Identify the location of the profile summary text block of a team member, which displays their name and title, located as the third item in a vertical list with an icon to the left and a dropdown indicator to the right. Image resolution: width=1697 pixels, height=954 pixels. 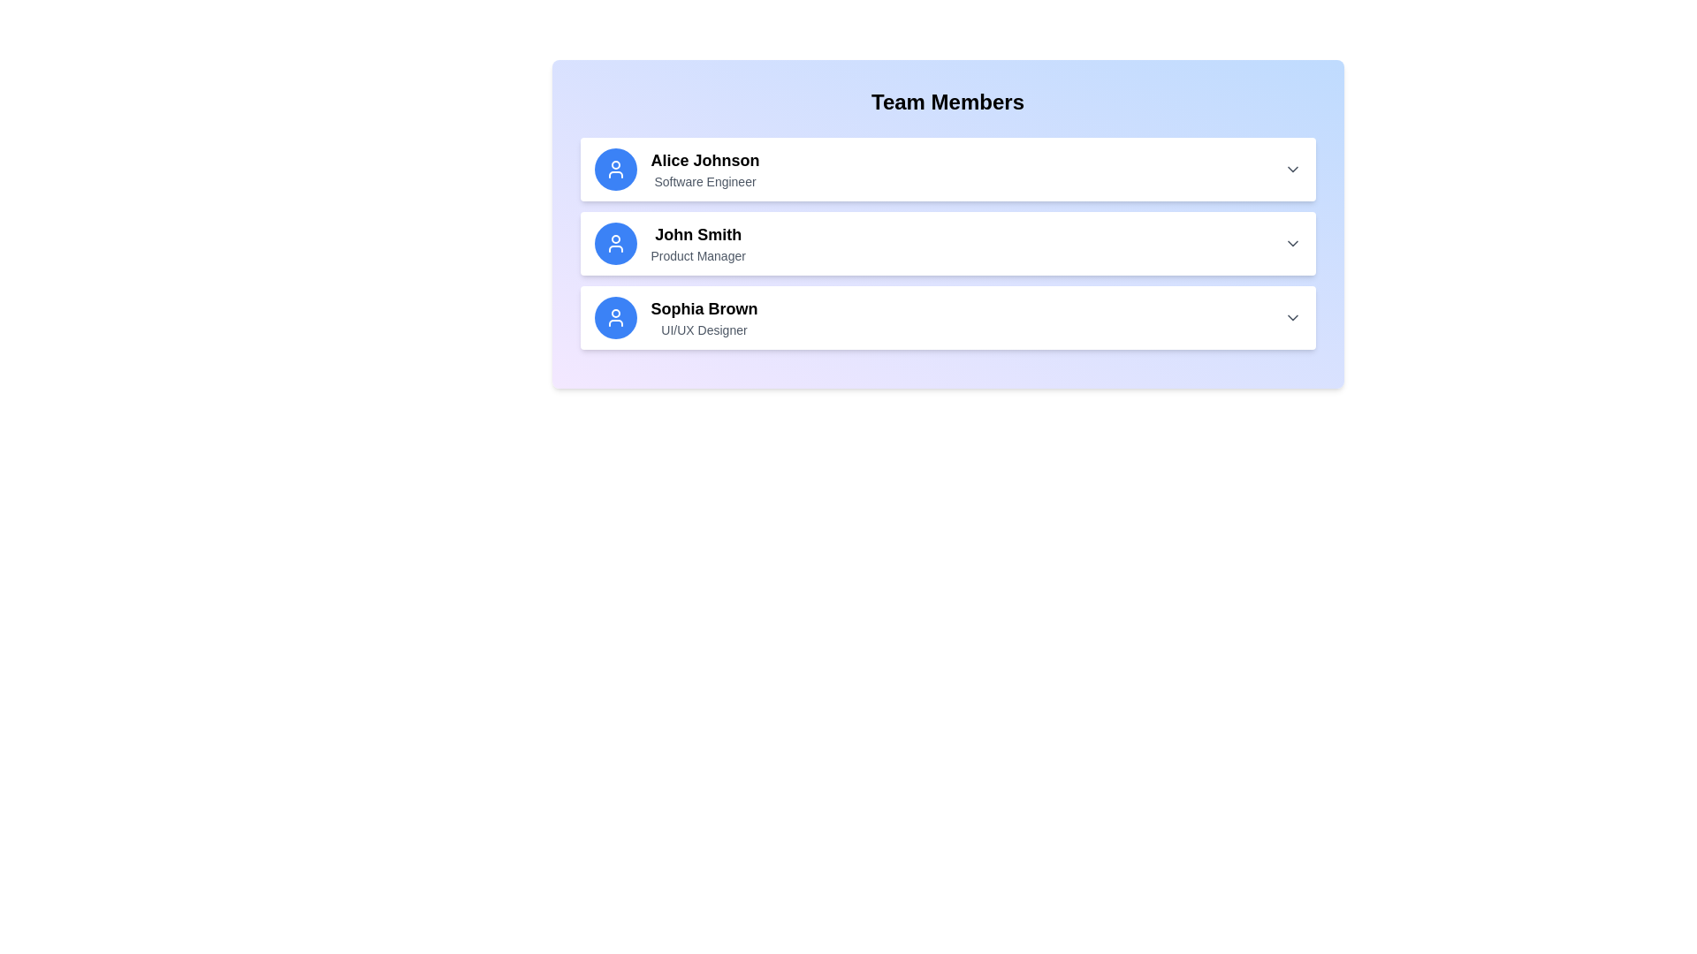
(703, 316).